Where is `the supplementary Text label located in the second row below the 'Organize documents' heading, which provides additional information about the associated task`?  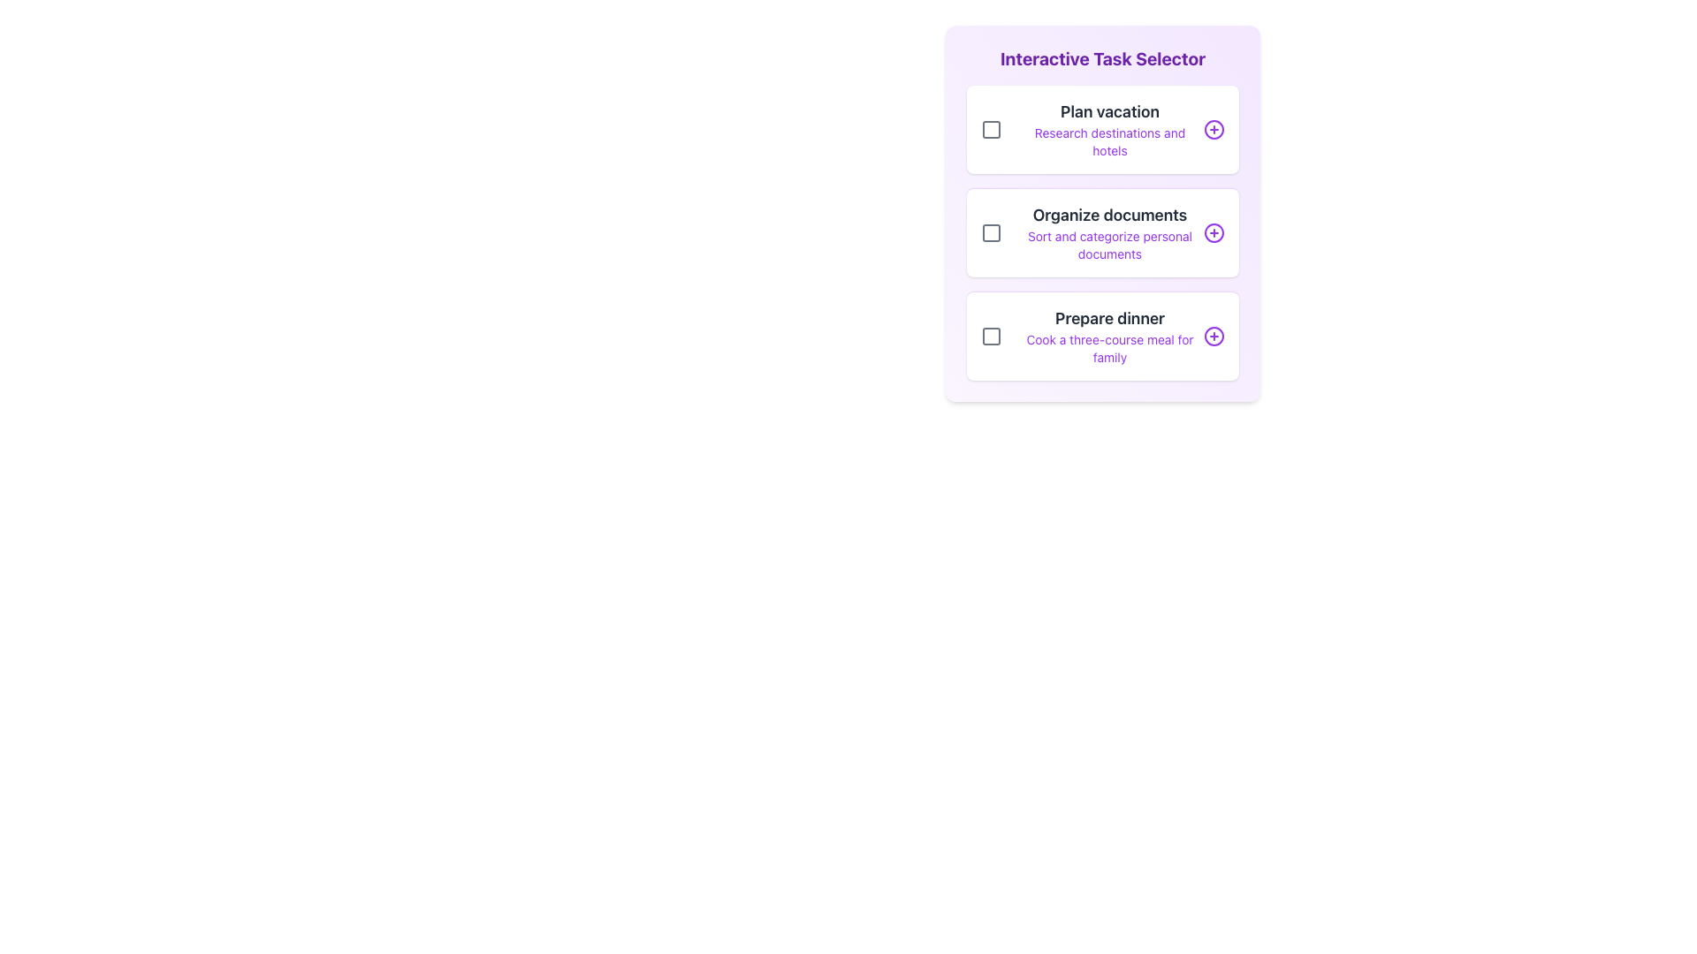
the supplementary Text label located in the second row below the 'Organize documents' heading, which provides additional information about the associated task is located at coordinates (1109, 245).